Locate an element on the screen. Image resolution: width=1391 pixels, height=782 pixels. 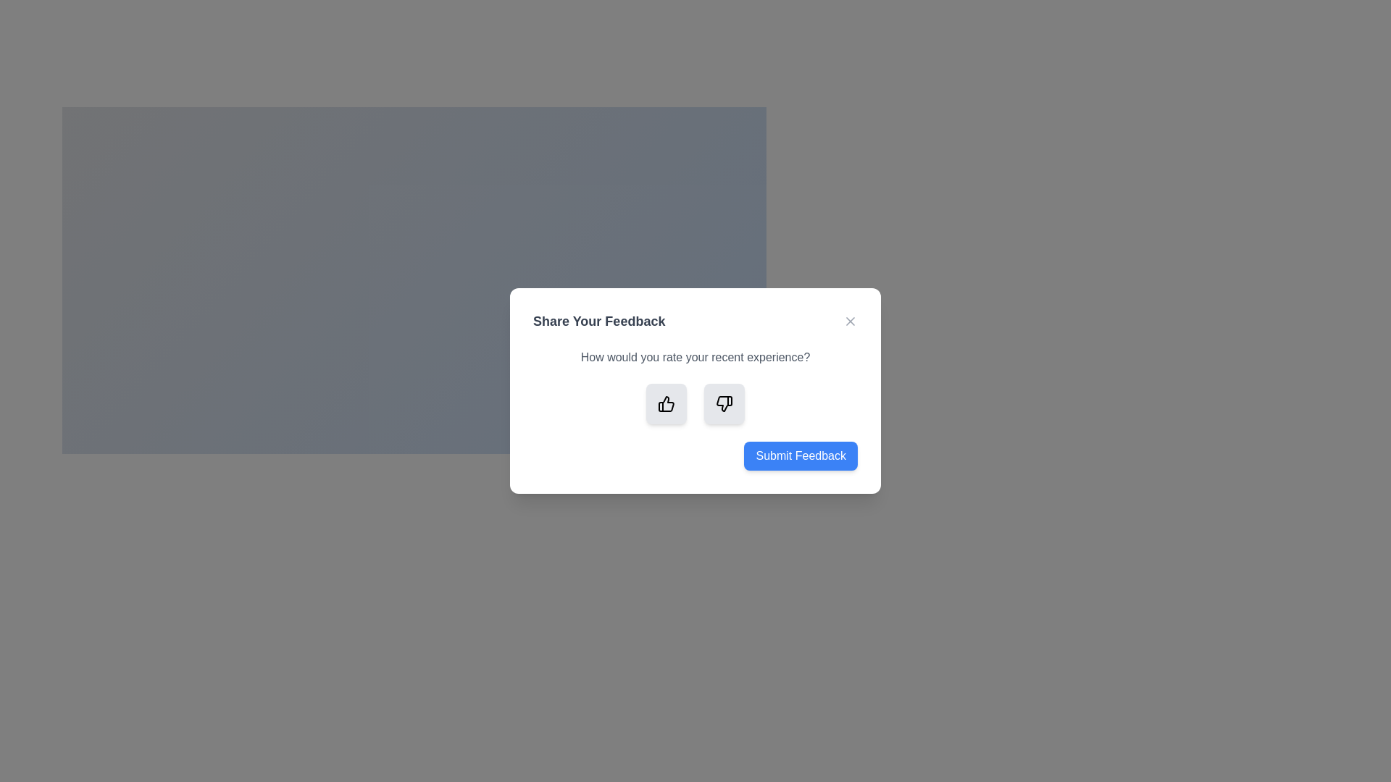
the positive feedback icon button located in the 'Share Your Feedback' dialog box is located at coordinates (665, 404).